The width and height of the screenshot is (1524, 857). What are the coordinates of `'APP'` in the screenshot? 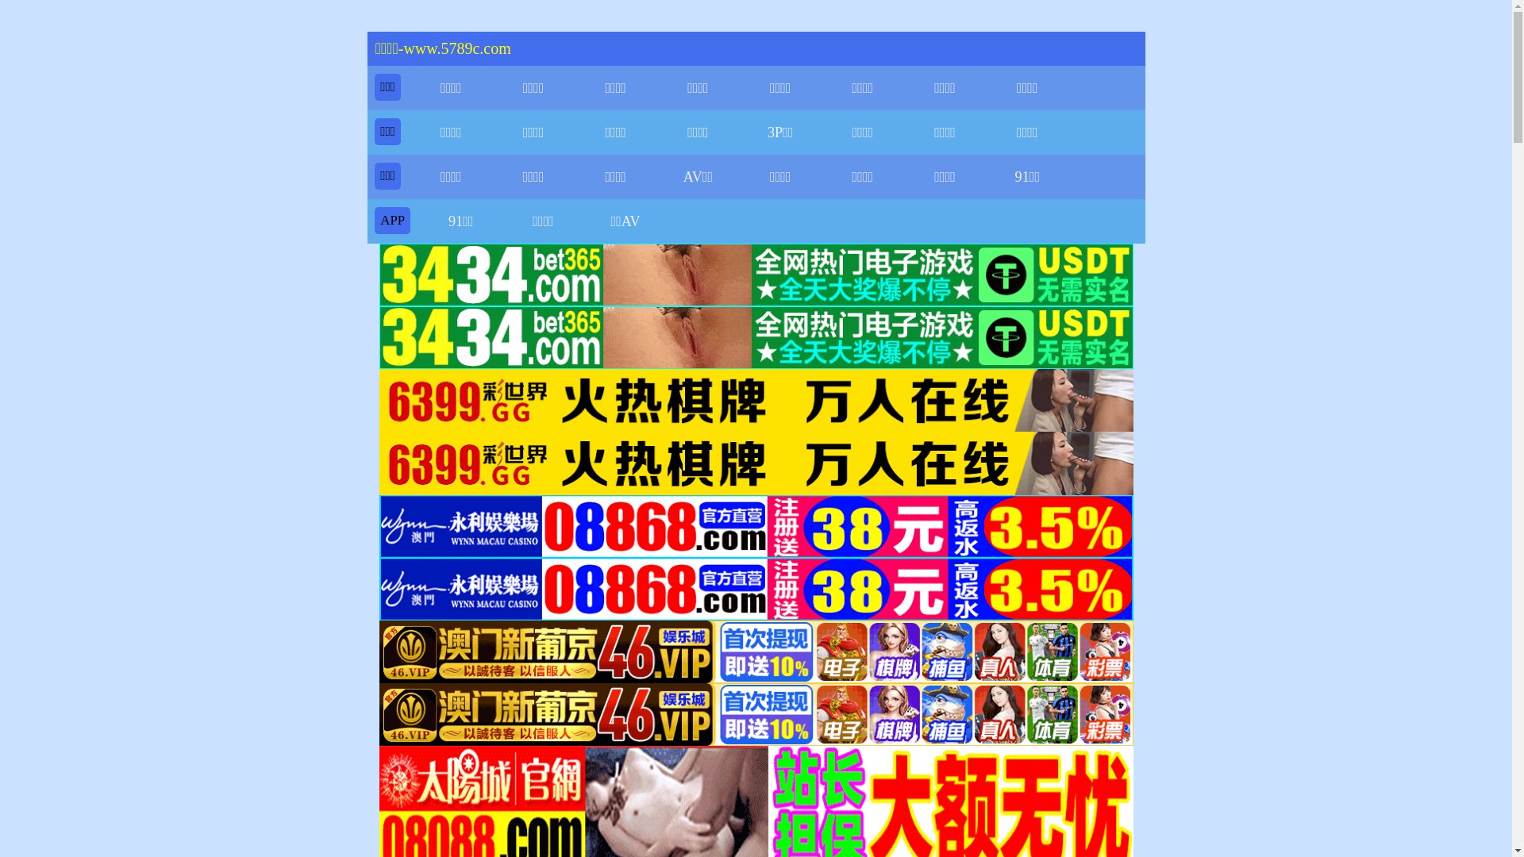 It's located at (392, 220).